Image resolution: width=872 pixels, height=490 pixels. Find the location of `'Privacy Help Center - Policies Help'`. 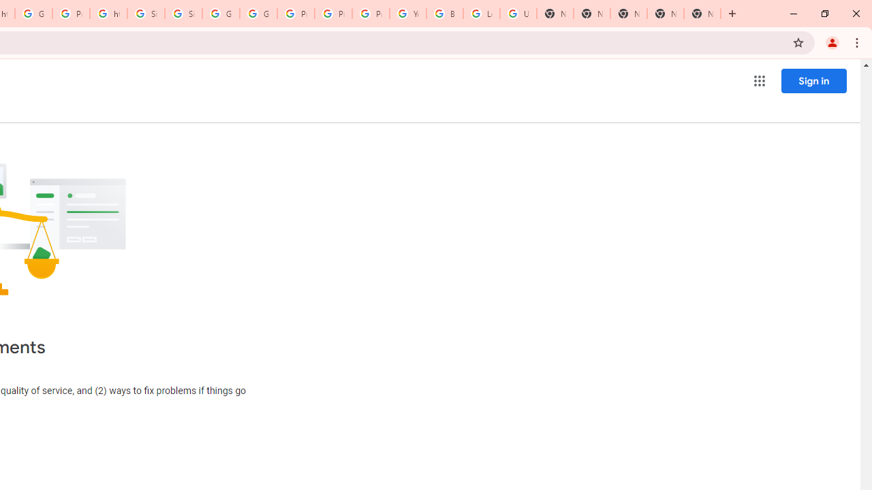

'Privacy Help Center - Policies Help' is located at coordinates (295, 14).